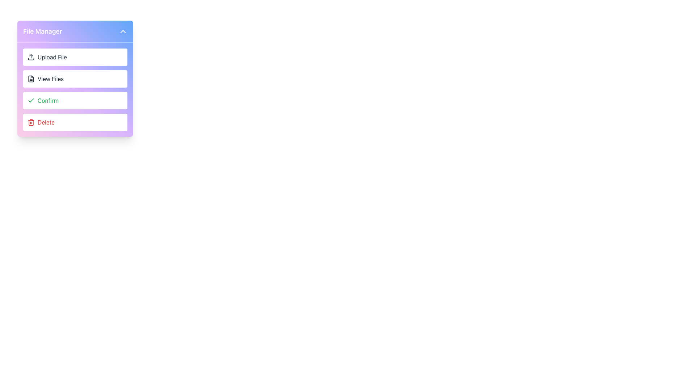  What do you see at coordinates (75, 79) in the screenshot?
I see `the 'View Files' button` at bounding box center [75, 79].